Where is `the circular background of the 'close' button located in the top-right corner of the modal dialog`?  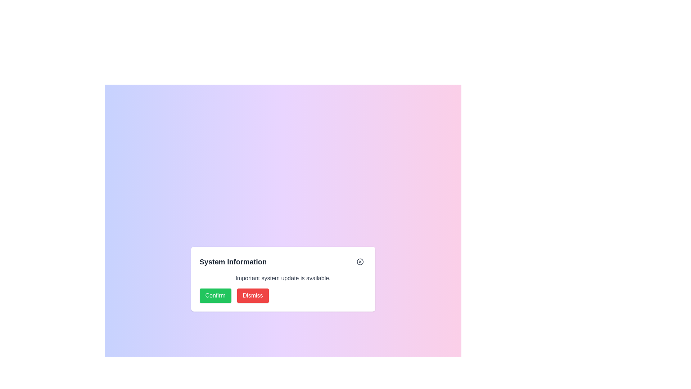 the circular background of the 'close' button located in the top-right corner of the modal dialog is located at coordinates (360, 261).